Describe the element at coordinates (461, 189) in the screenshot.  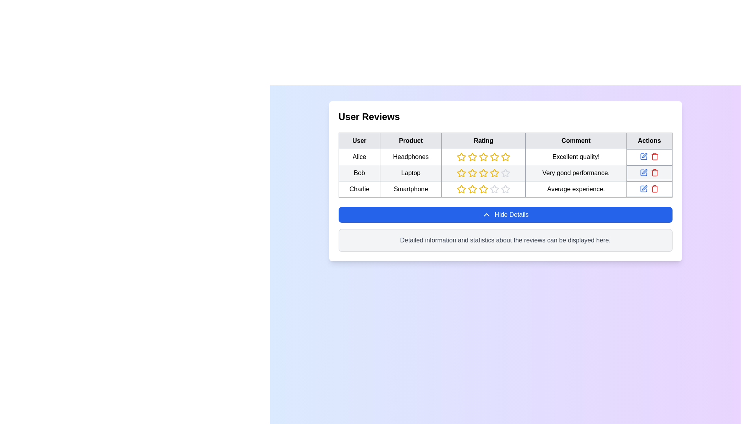
I see `the fourth star icon in the 'Rating' column of the third row associated with user 'Charlie' for the product 'Smartphone'` at that location.